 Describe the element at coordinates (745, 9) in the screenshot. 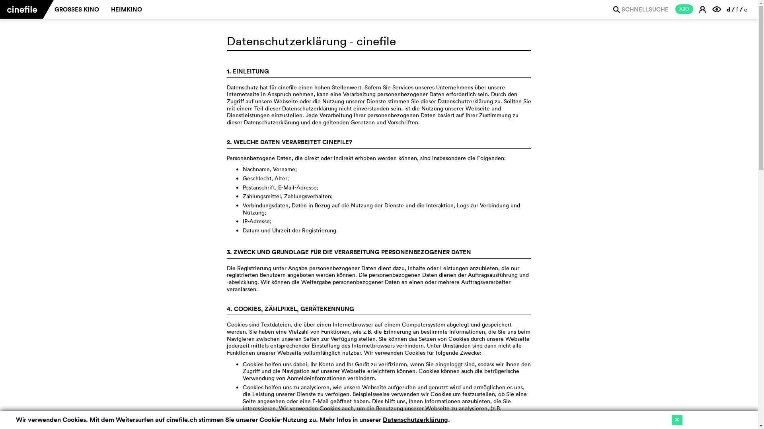

I see `'e'` at that location.